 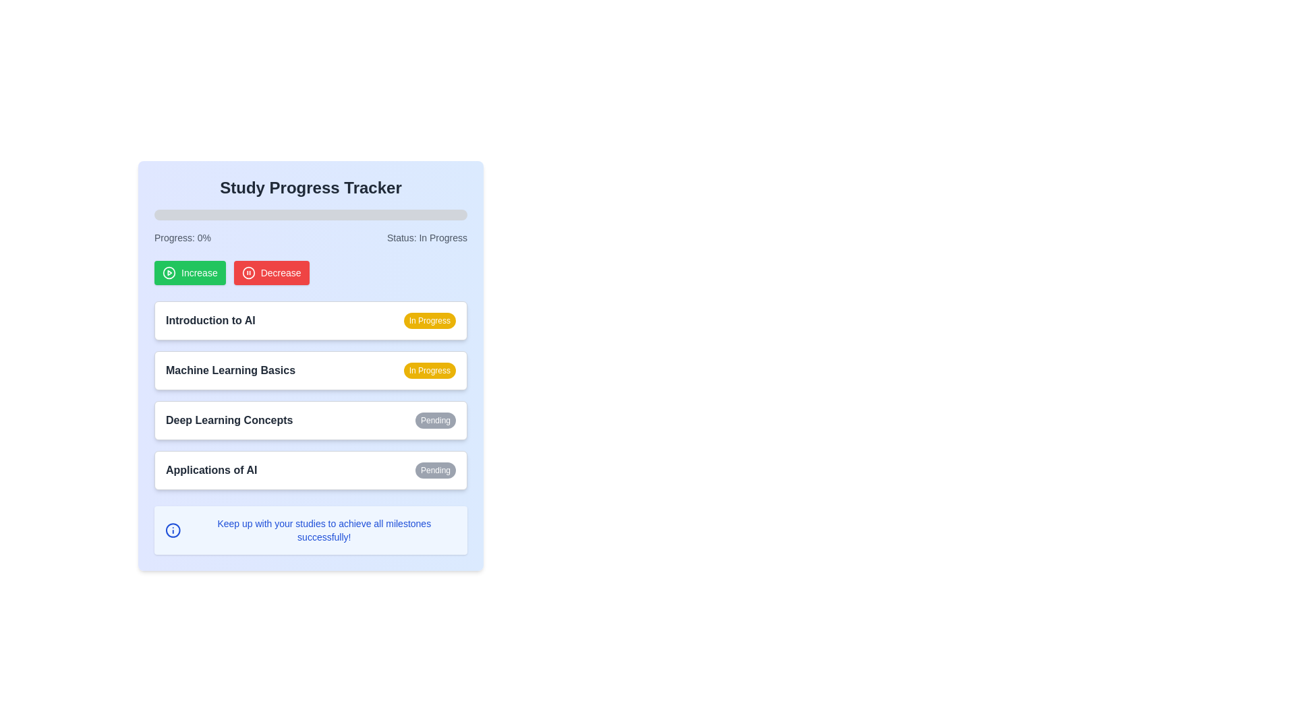 I want to click on the horizontal progress bar with rounded edges located below the 'Study Progress Tracker' header, so click(x=310, y=214).